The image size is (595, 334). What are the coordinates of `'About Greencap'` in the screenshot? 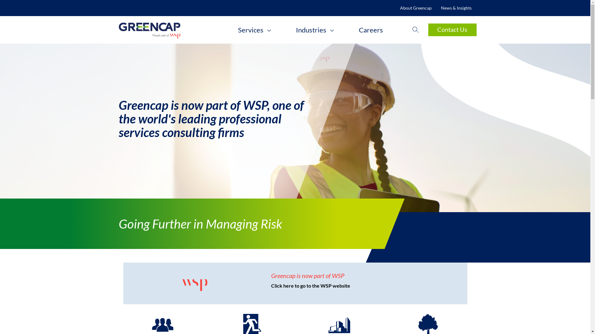 It's located at (416, 8).